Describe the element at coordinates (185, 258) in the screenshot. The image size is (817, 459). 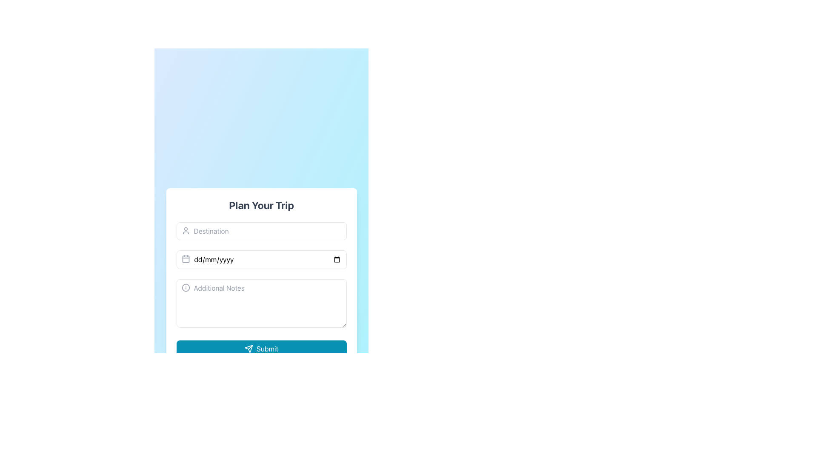
I see `the decorative graphical element of the calendar icon, which visually indicates a date-related functionality, located to the left of the 'dd/mm/yyyy' input field` at that location.